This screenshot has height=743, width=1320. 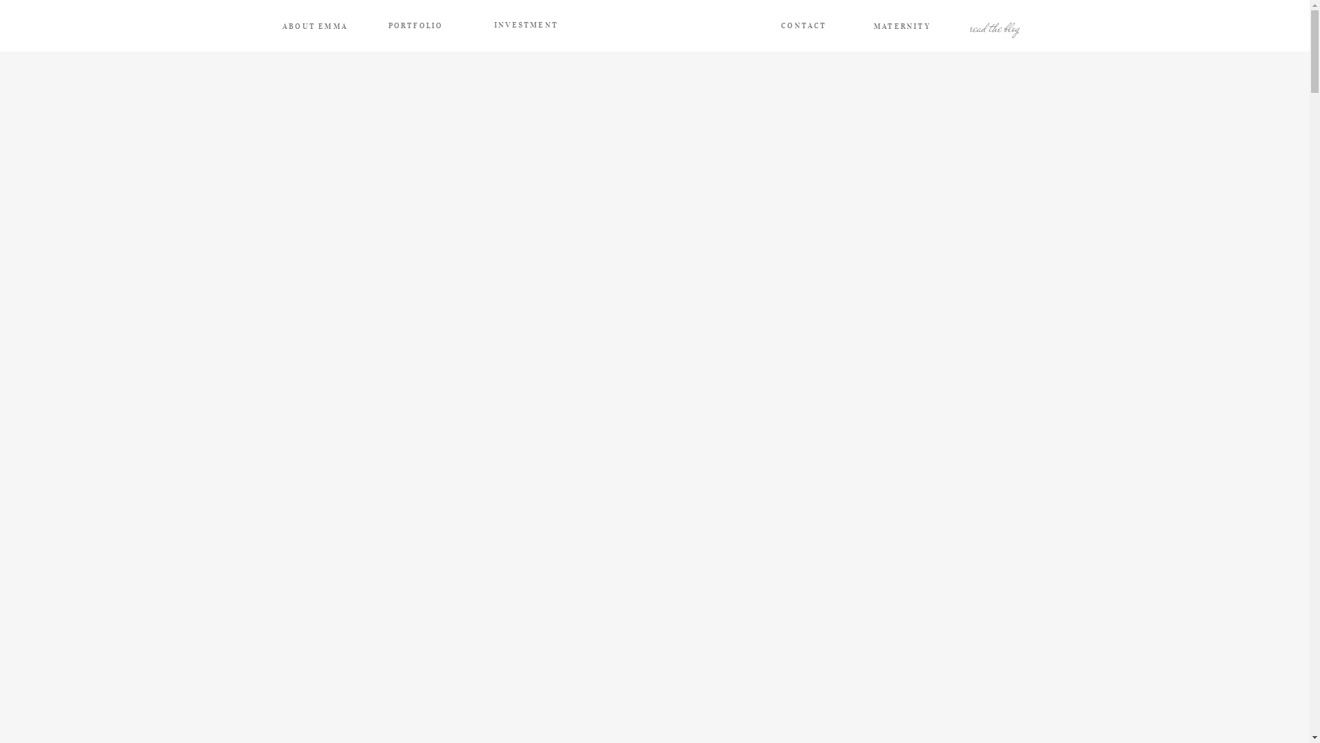 What do you see at coordinates (415, 26) in the screenshot?
I see `'PORTFOLIO'` at bounding box center [415, 26].